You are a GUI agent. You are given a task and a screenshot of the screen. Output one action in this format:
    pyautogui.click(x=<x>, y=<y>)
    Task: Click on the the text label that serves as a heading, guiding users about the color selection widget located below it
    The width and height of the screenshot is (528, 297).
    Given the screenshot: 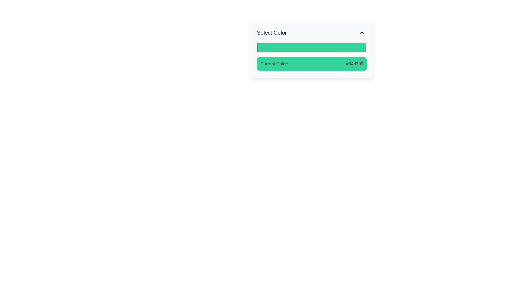 What is the action you would take?
    pyautogui.click(x=272, y=33)
    